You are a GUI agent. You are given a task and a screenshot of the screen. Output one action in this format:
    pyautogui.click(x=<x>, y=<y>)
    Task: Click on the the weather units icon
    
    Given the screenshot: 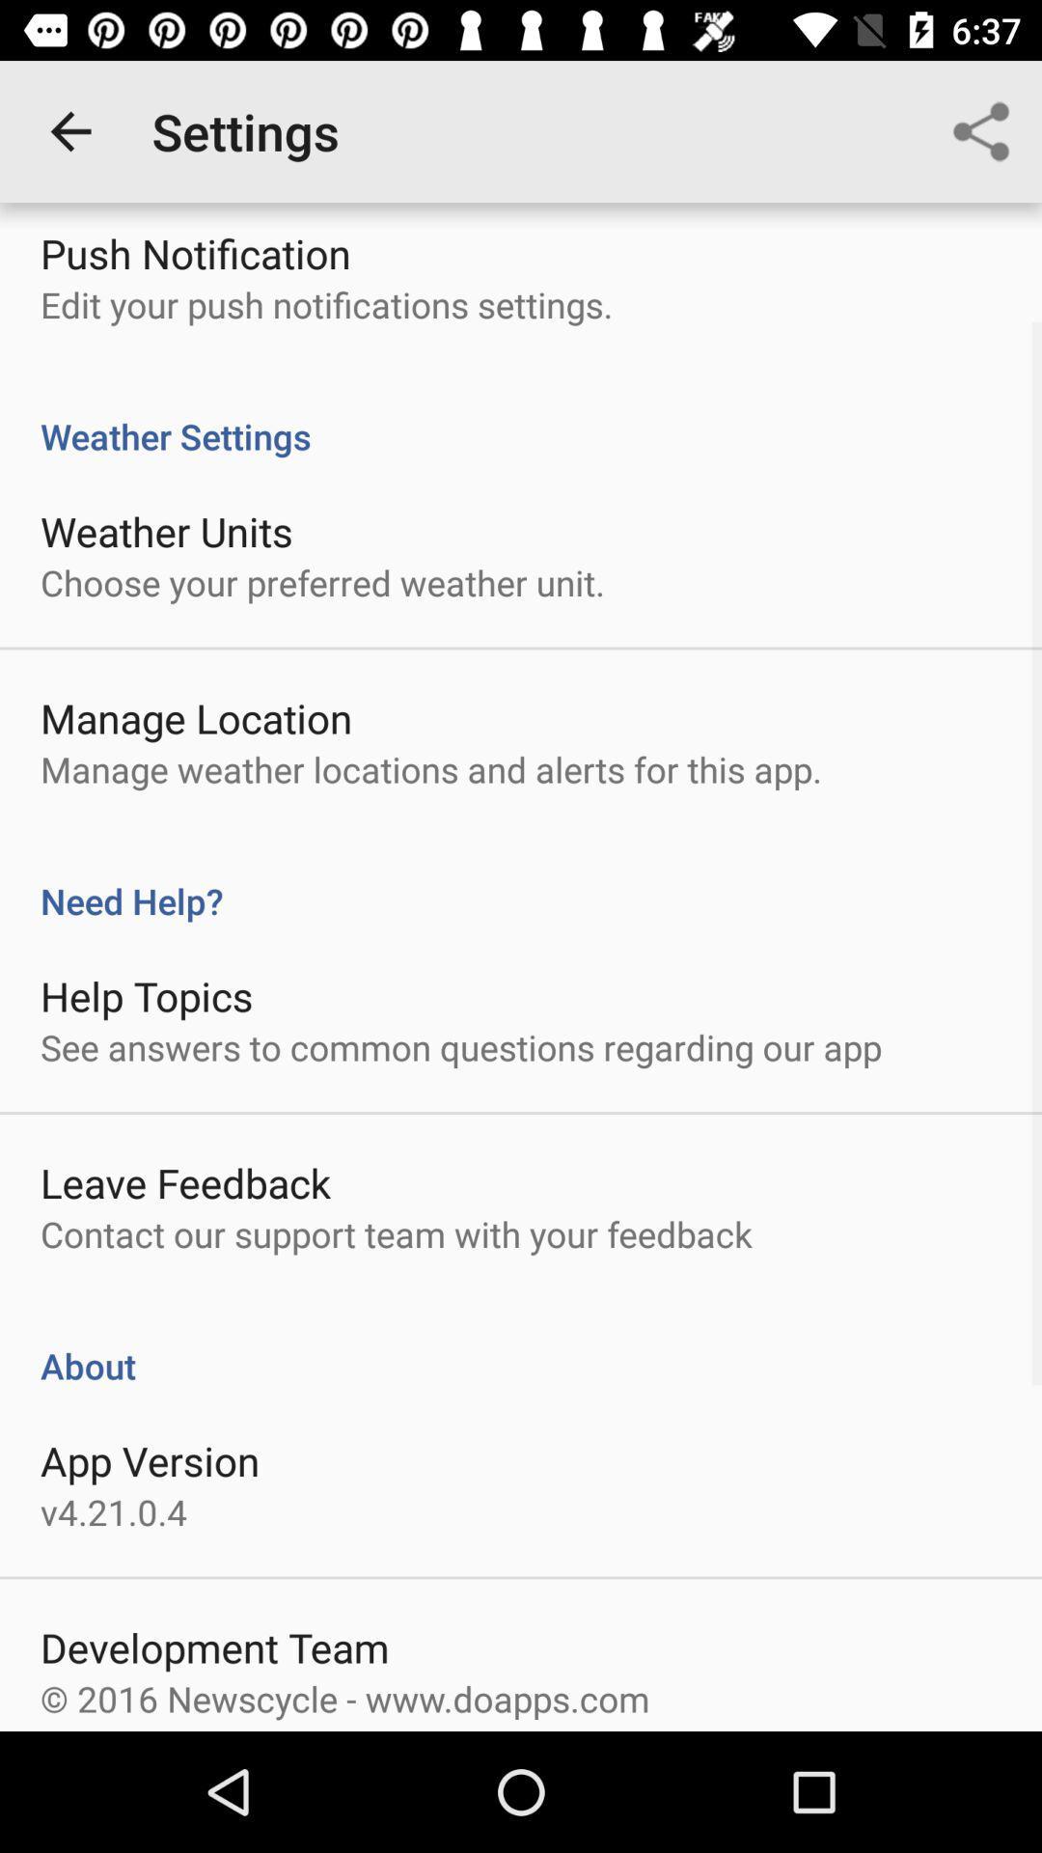 What is the action you would take?
    pyautogui.click(x=165, y=531)
    